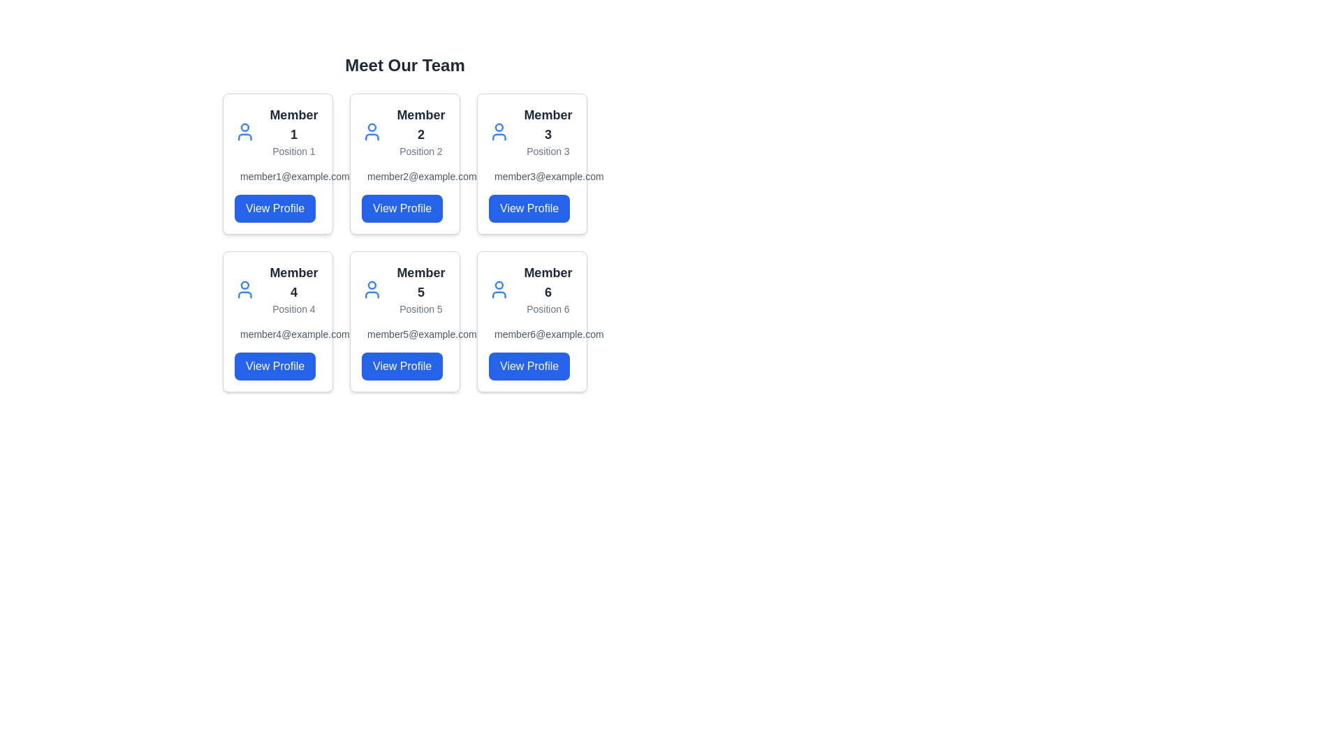  I want to click on the 'Member 3' heading/text label, which is styled in bold, dark gray, and located in the first row, third column of the team members grid layout, so click(547, 124).